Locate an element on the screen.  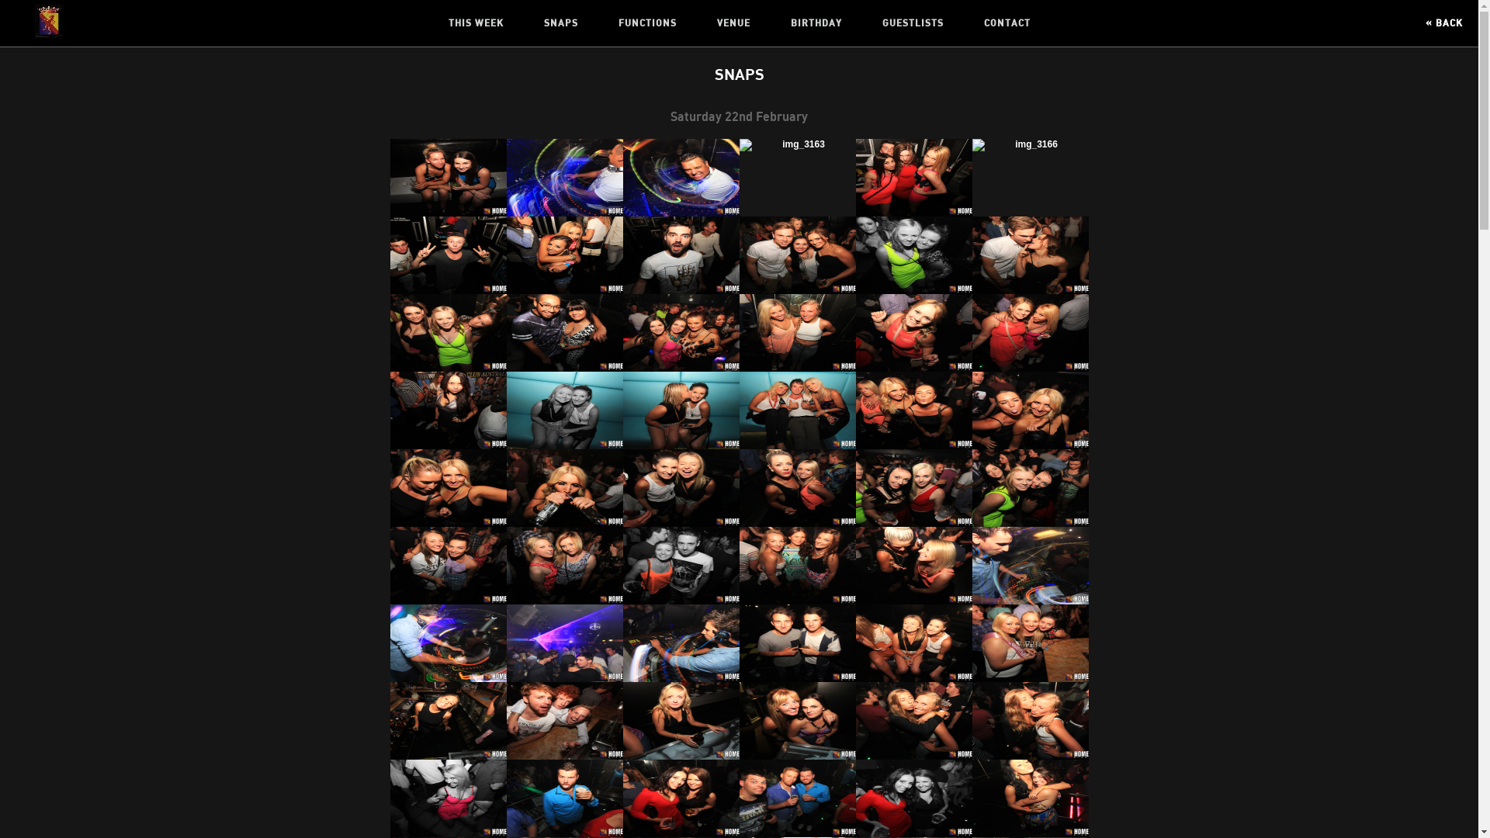
' ' is located at coordinates (563, 566).